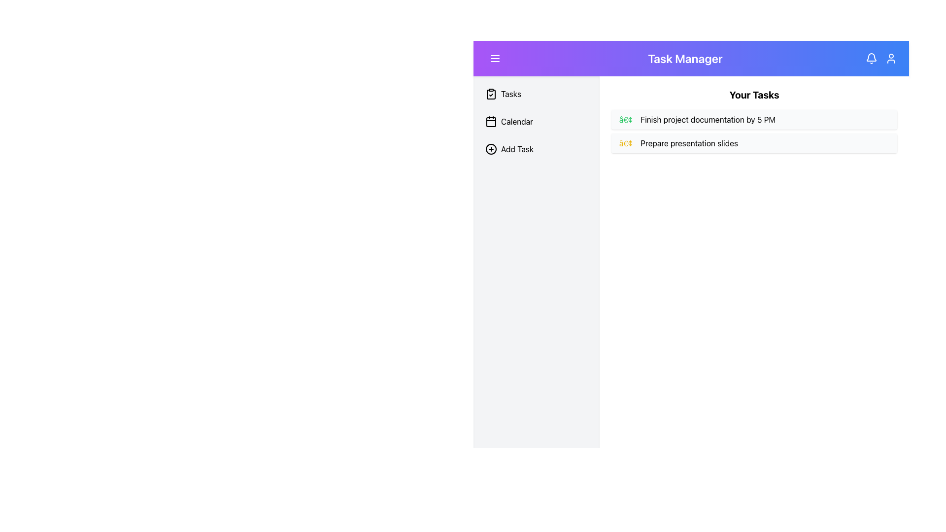 The height and width of the screenshot is (532, 946). Describe the element at coordinates (491, 95) in the screenshot. I see `the clipboard-shaped icon at the top left of the sidebar panel` at that location.